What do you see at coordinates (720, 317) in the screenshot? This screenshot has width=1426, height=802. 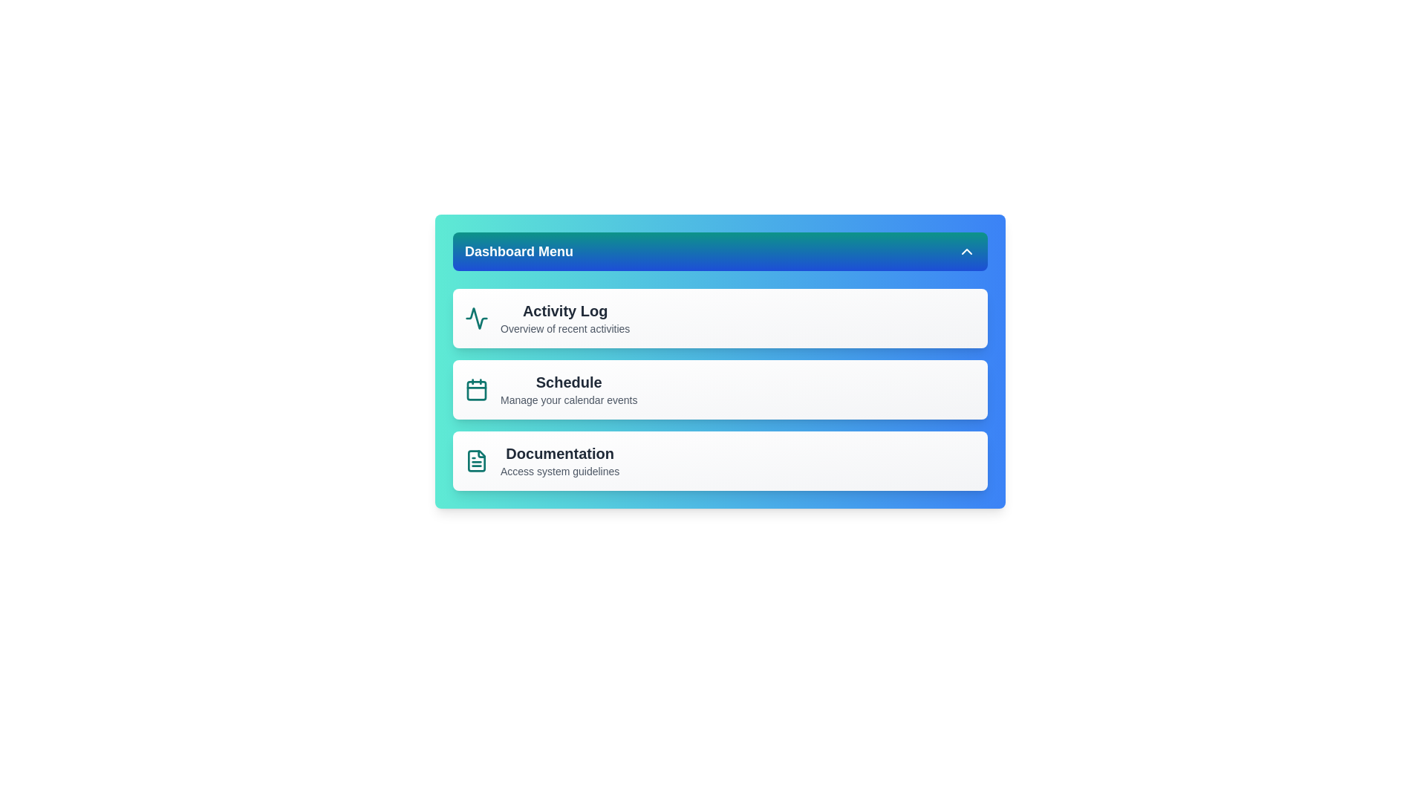 I see `the dashboard item 'Activity Log' to select it` at bounding box center [720, 317].